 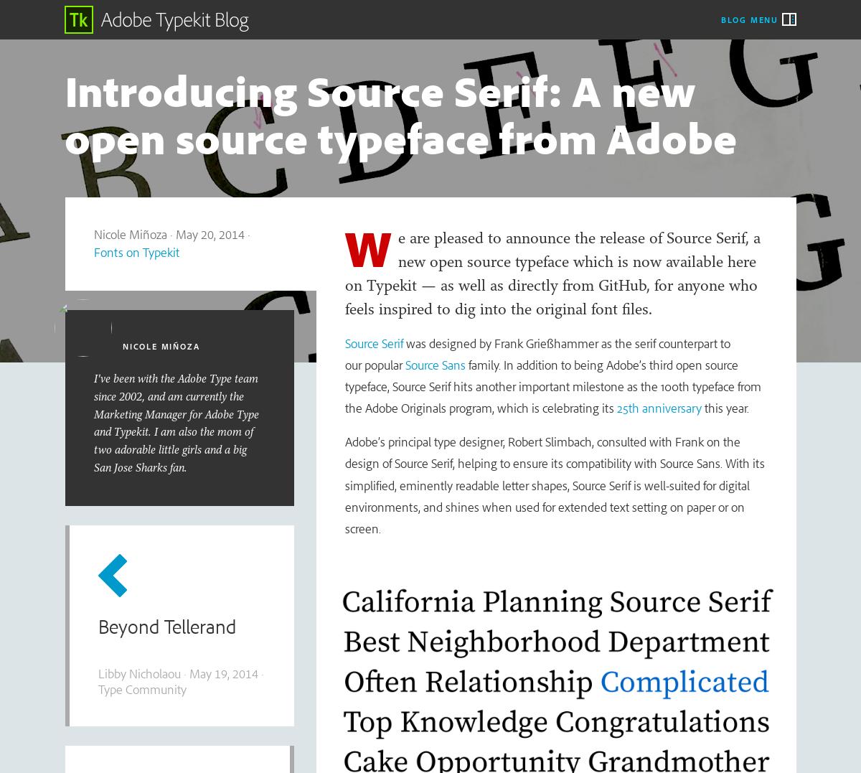 What do you see at coordinates (135, 250) in the screenshot?
I see `'Fonts on Typekit'` at bounding box center [135, 250].